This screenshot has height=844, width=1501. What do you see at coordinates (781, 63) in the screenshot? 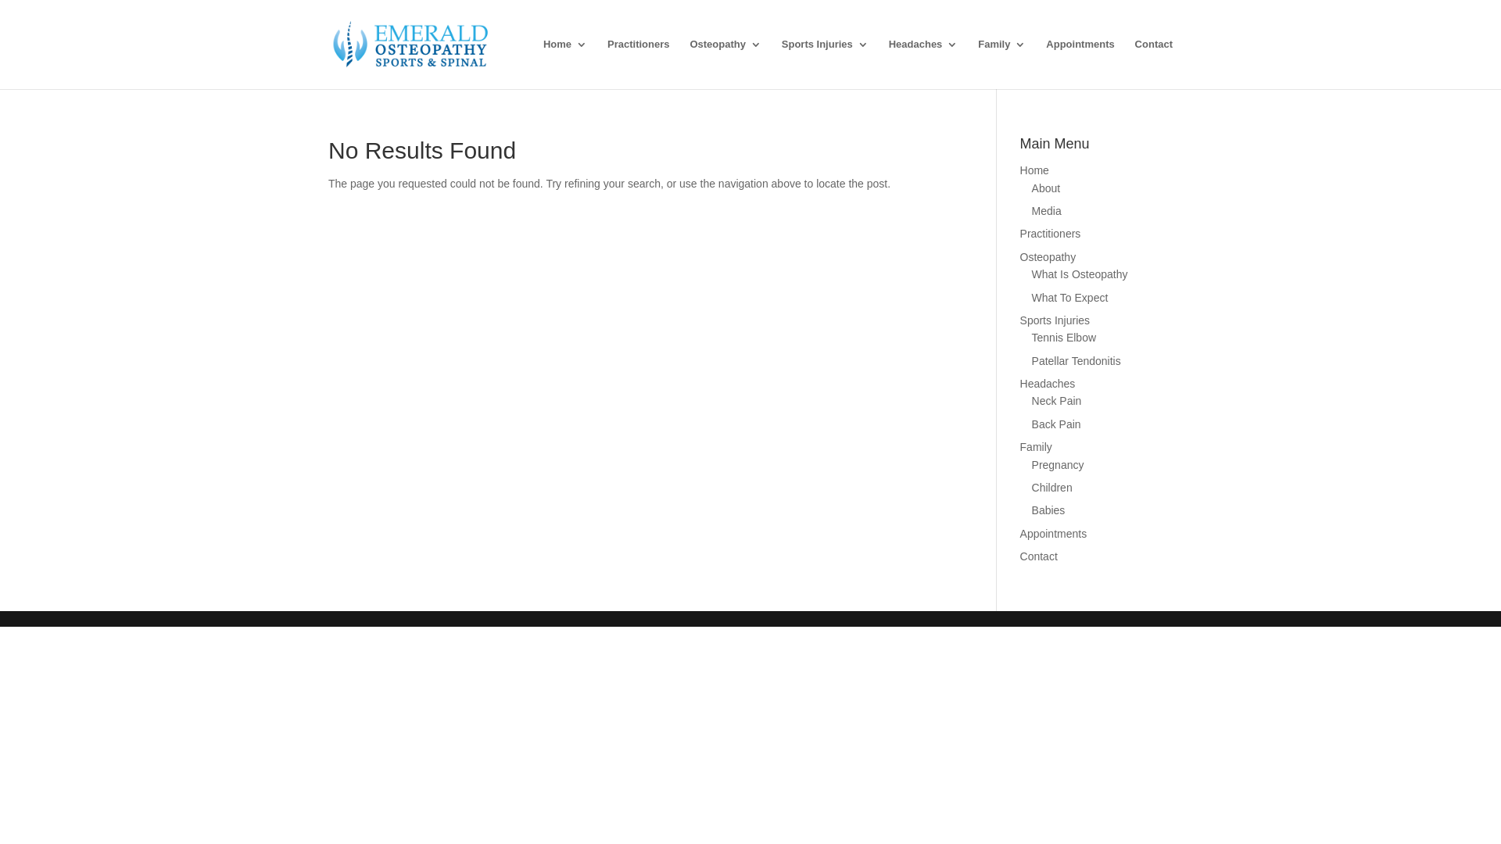
I see `'Sports Injuries'` at bounding box center [781, 63].